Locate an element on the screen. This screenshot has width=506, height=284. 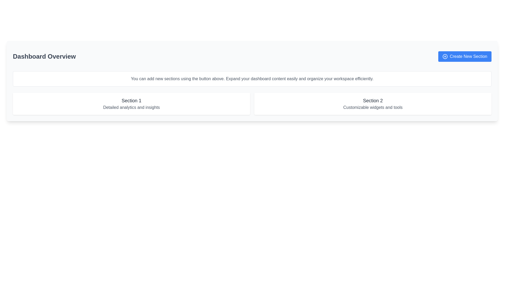
the button located in the top-right corner of the 'Dashboard Overview' section to create a new section is located at coordinates (465, 57).